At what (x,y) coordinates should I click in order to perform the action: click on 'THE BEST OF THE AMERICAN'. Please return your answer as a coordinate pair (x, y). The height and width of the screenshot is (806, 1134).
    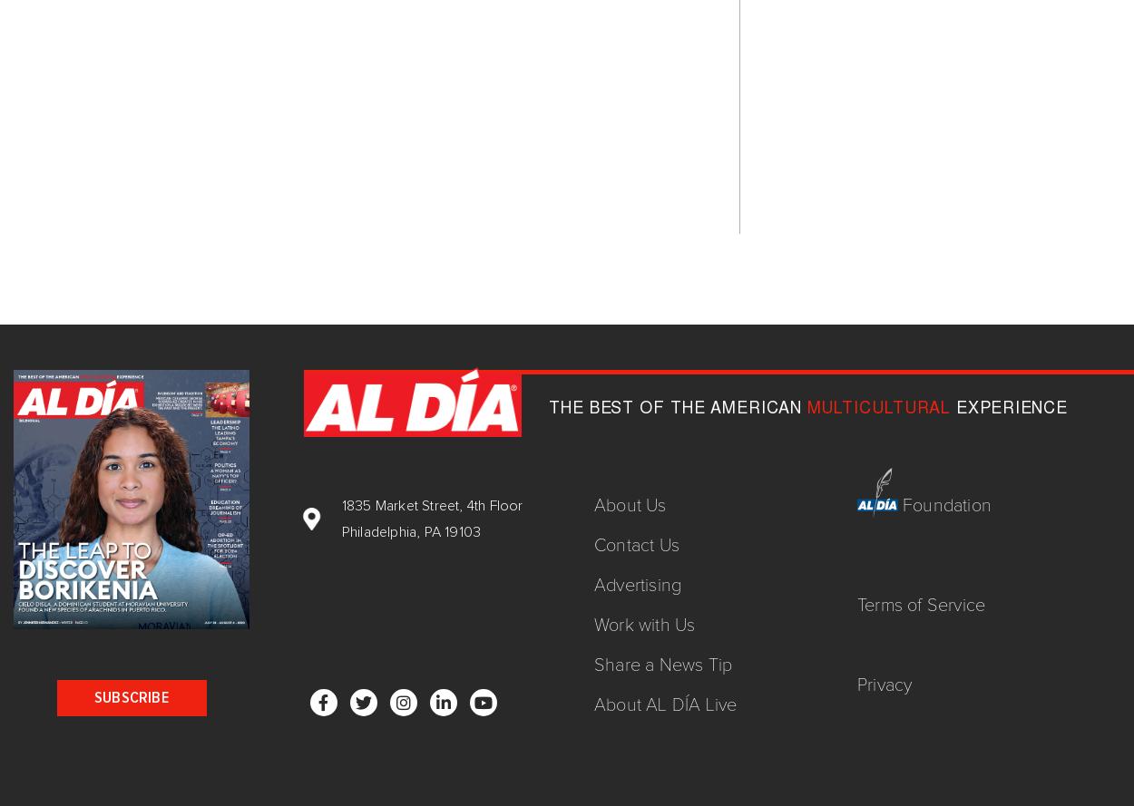
    Looking at the image, I should click on (677, 408).